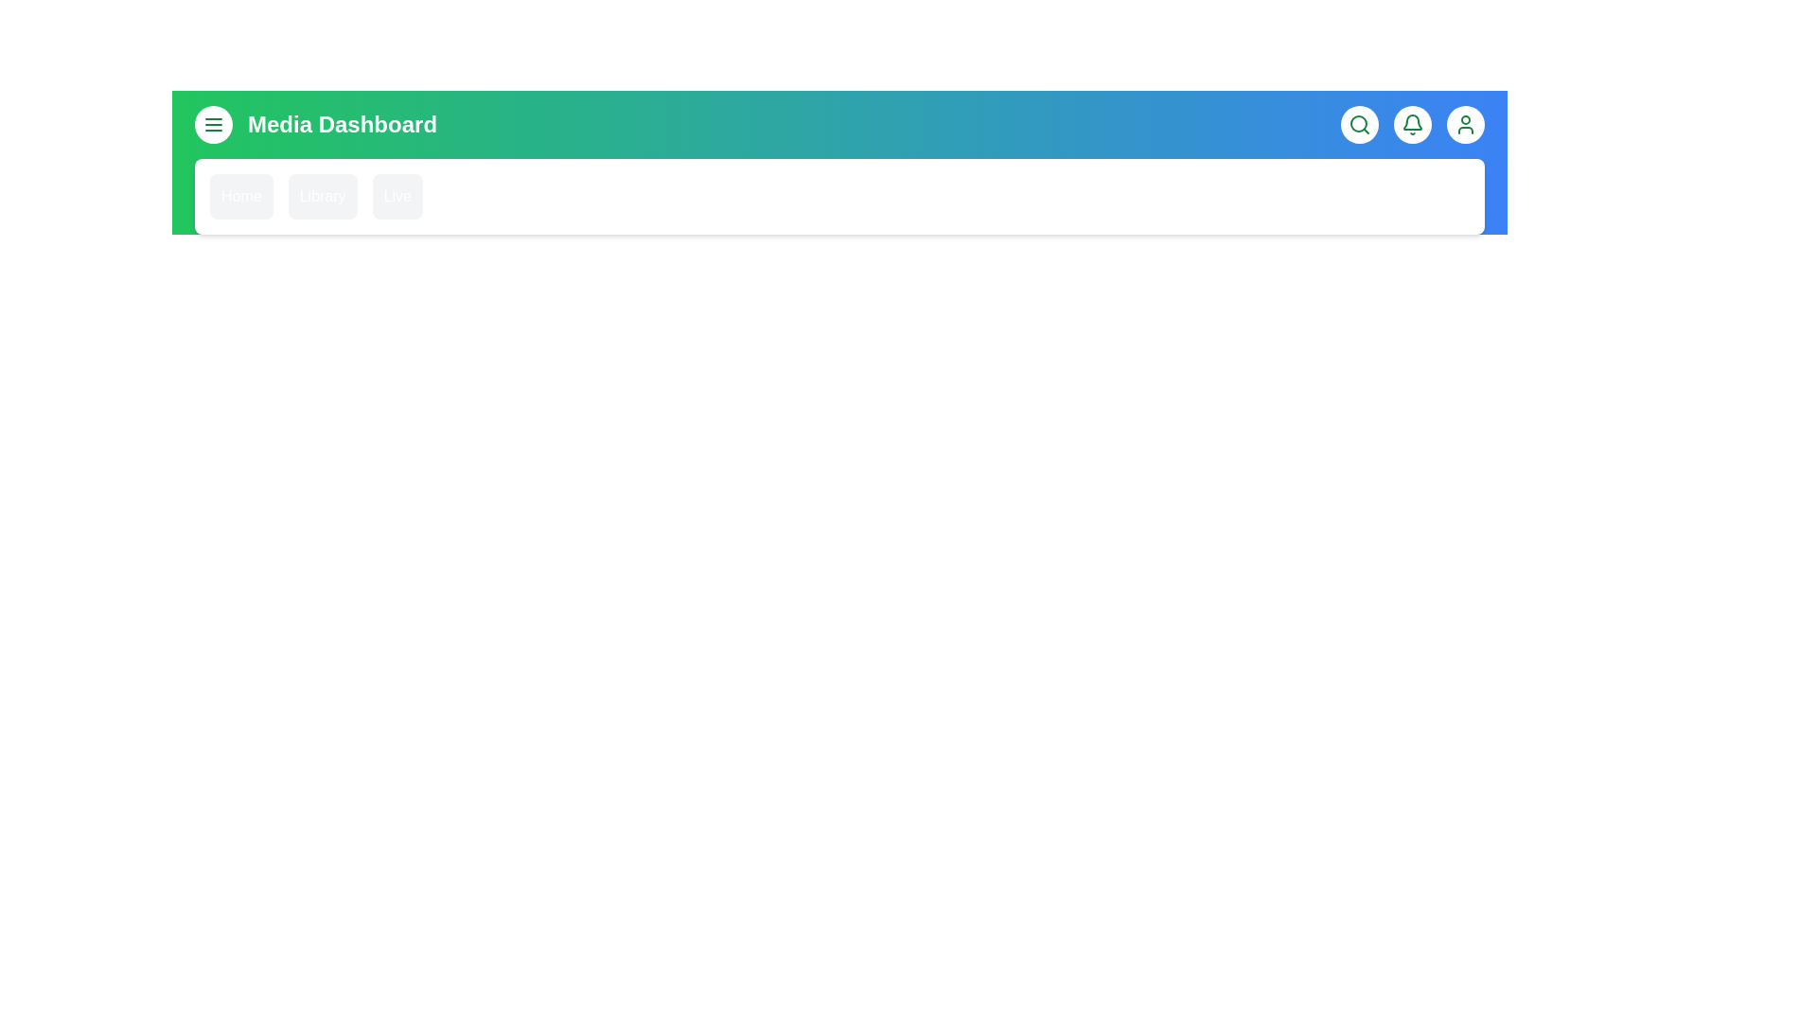 The width and height of the screenshot is (1817, 1022). Describe the element at coordinates (213, 124) in the screenshot. I see `the menu toggle button to toggle the menu visibility` at that location.